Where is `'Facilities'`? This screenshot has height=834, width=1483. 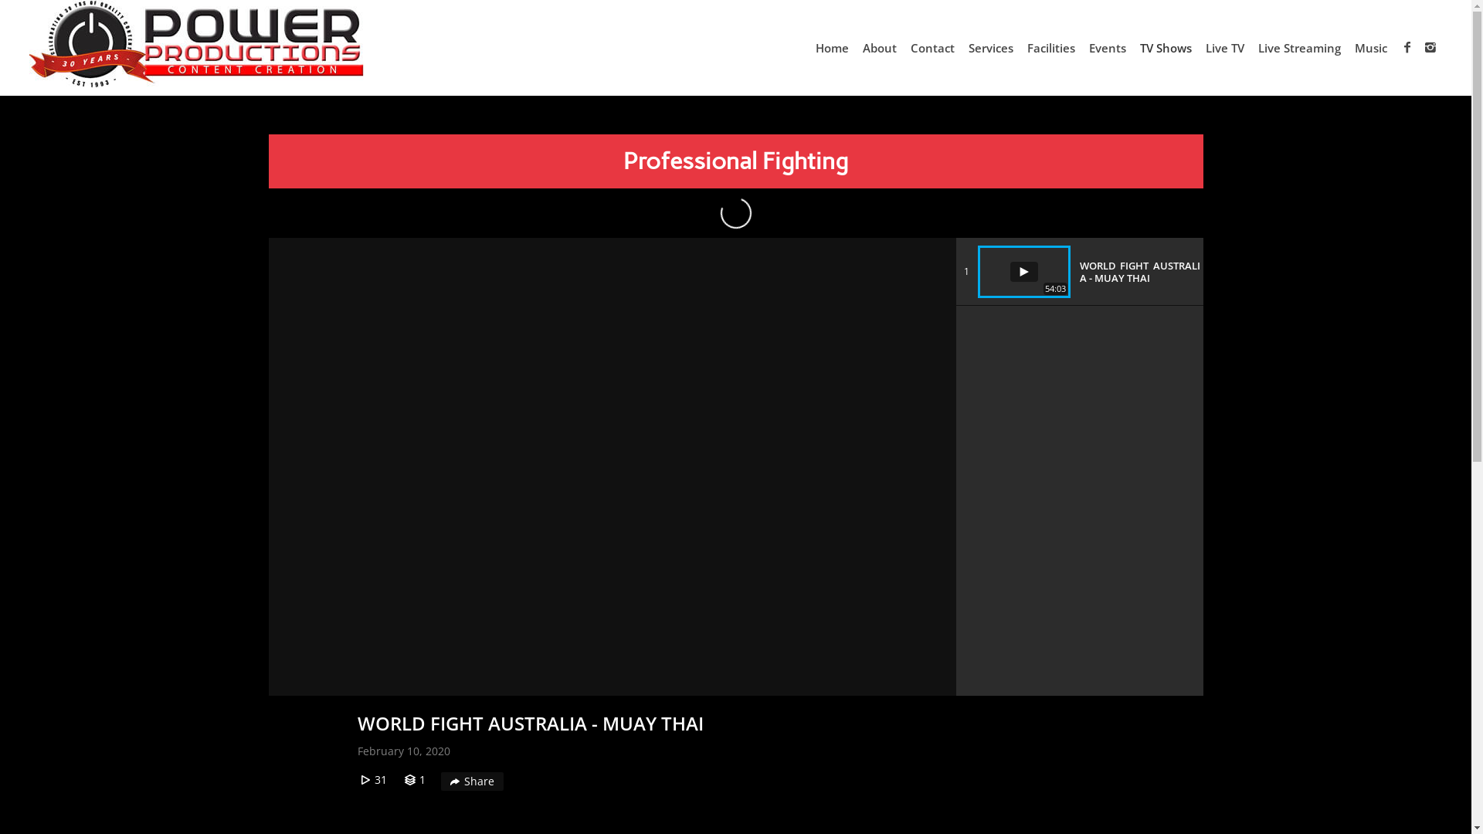 'Facilities' is located at coordinates (1020, 46).